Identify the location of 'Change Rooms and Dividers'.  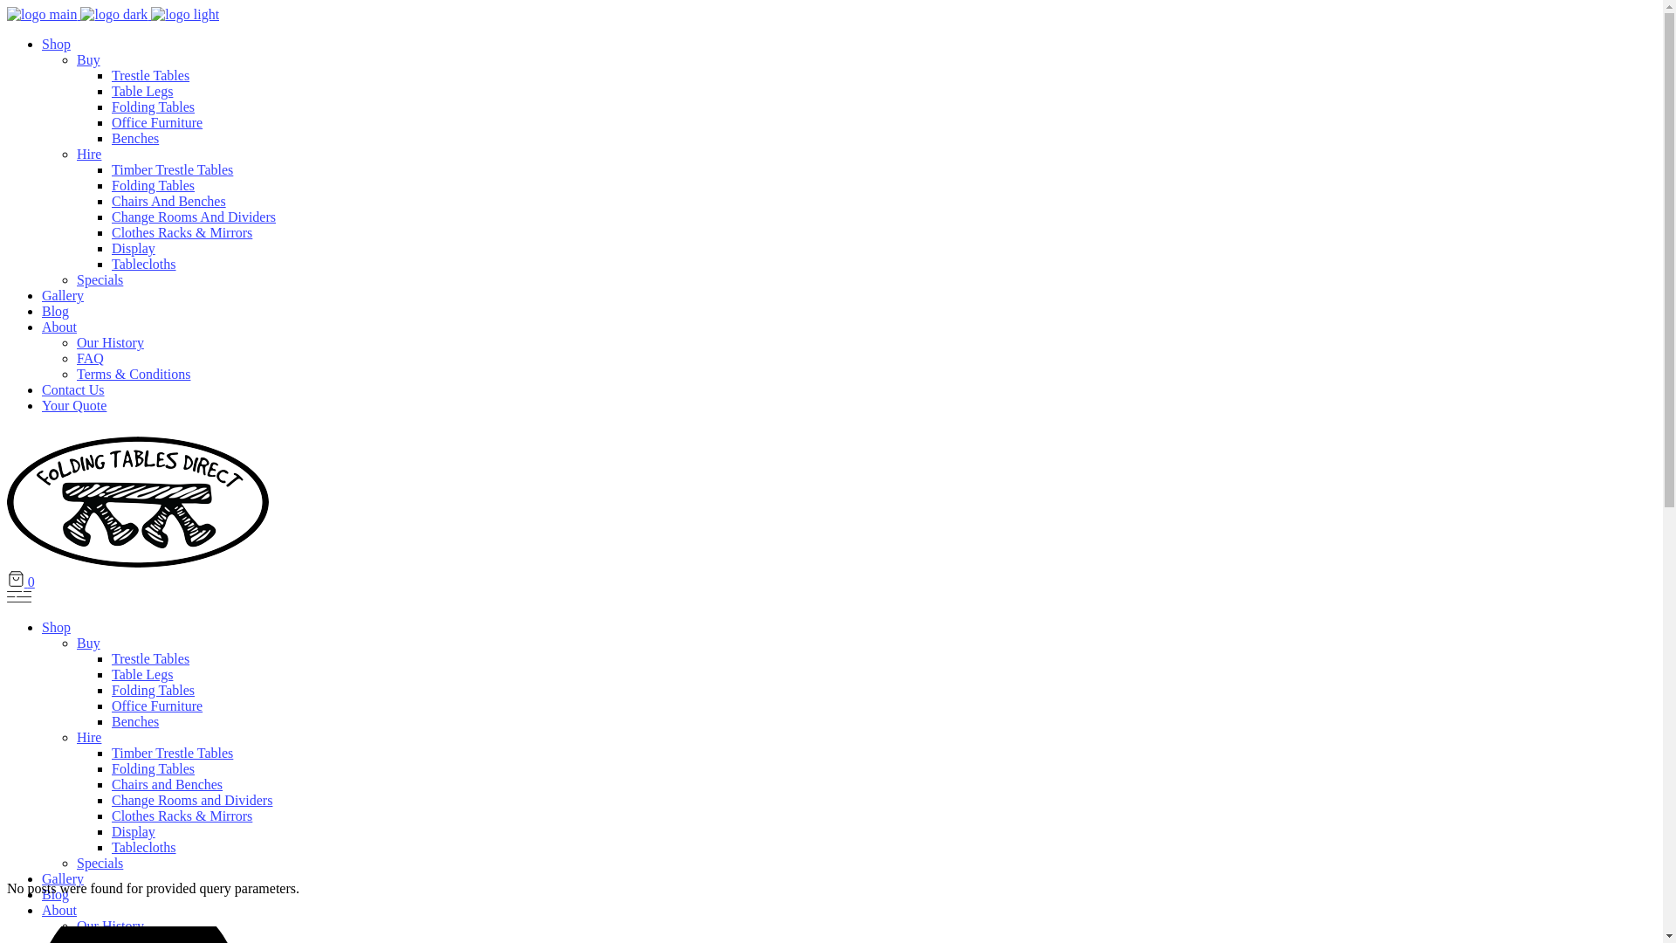
(192, 800).